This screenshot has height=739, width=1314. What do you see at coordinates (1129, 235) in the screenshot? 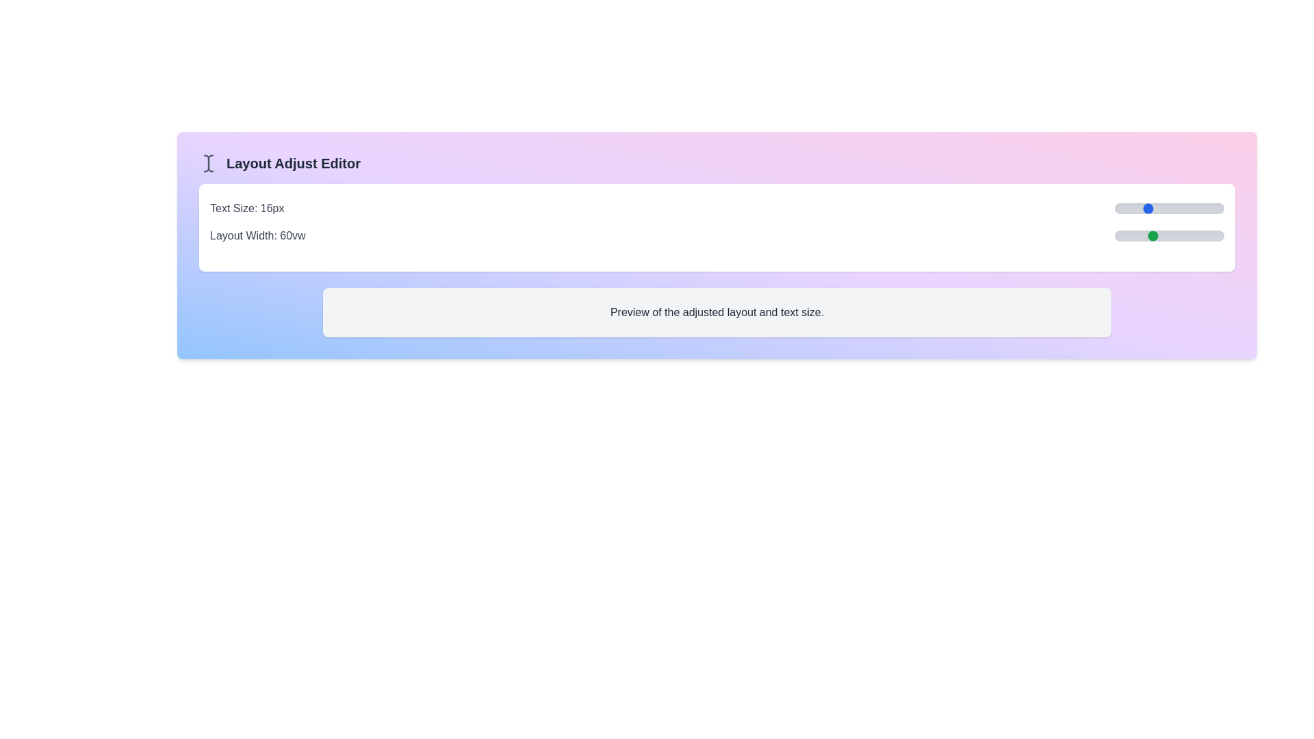
I see `the slider` at bounding box center [1129, 235].